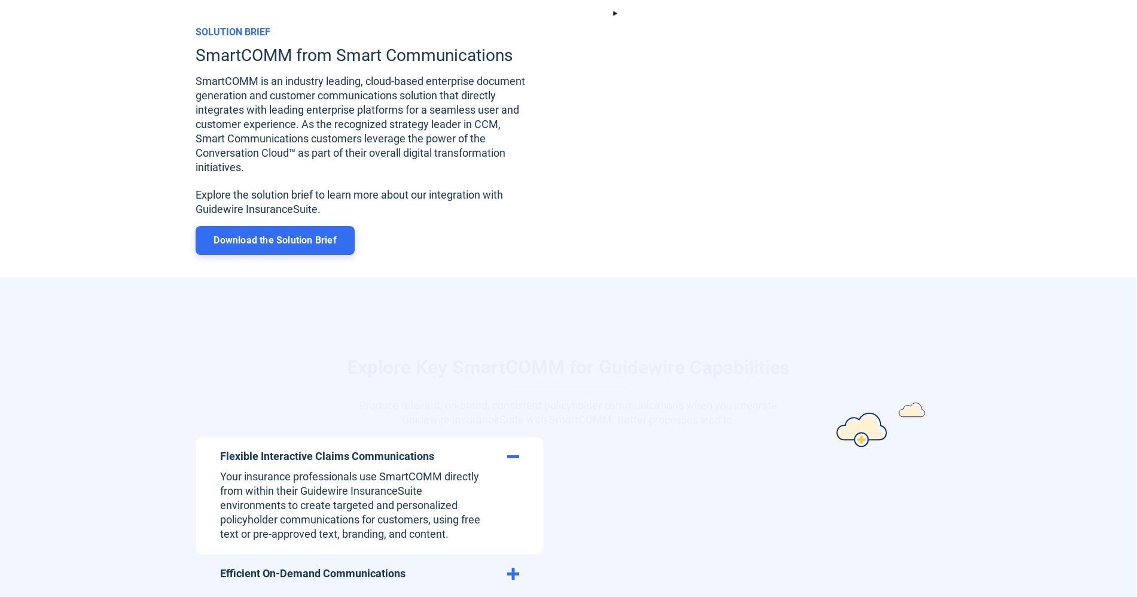  I want to click on 'Explore the solution brief to learn more about our integration with Guidewire InsuranceSuite.', so click(348, 201).